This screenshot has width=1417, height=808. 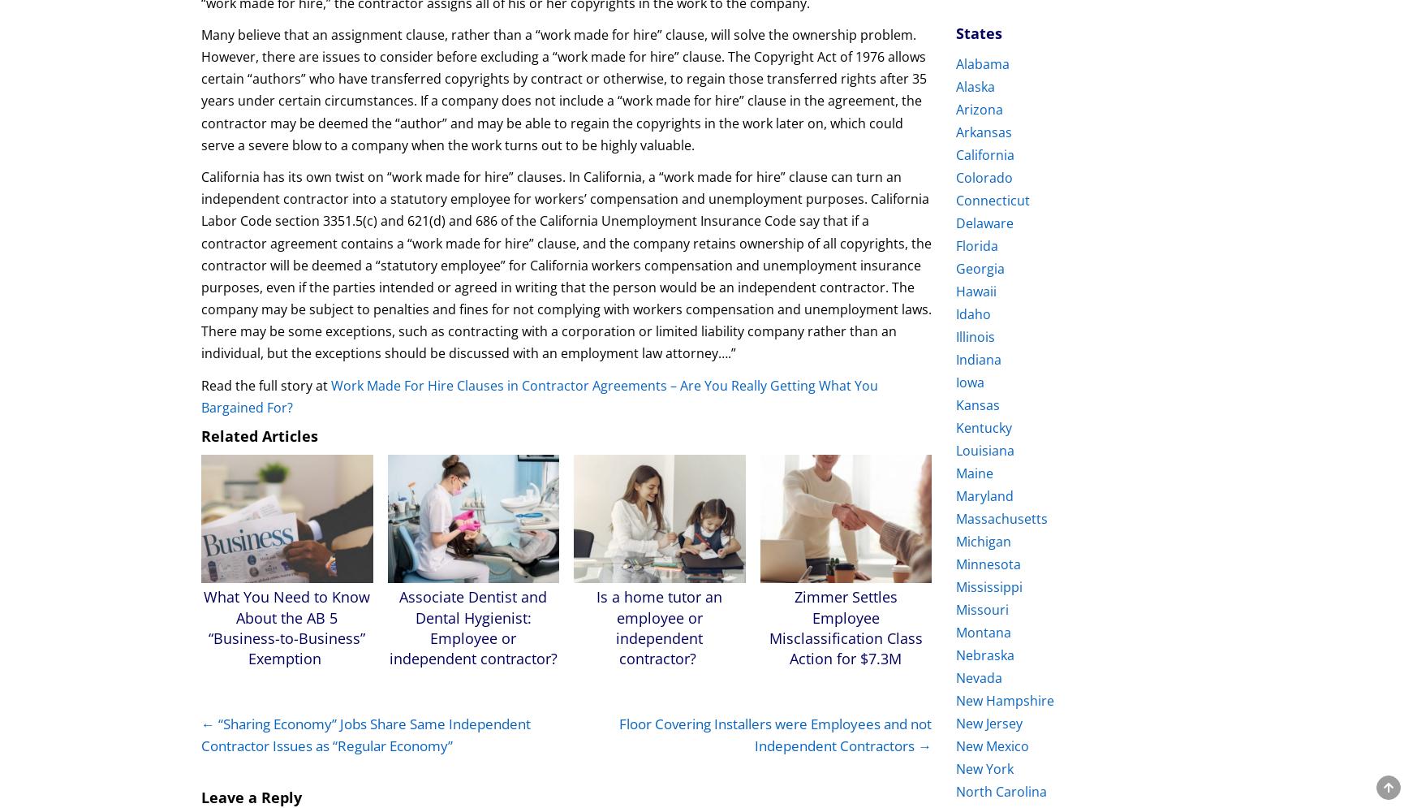 What do you see at coordinates (984, 132) in the screenshot?
I see `'Arkansas'` at bounding box center [984, 132].